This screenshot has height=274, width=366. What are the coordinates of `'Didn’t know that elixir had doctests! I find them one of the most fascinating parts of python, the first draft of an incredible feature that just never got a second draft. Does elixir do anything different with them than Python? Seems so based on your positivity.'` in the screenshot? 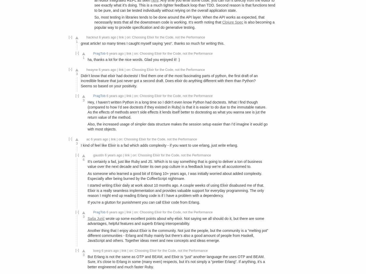 It's located at (169, 81).